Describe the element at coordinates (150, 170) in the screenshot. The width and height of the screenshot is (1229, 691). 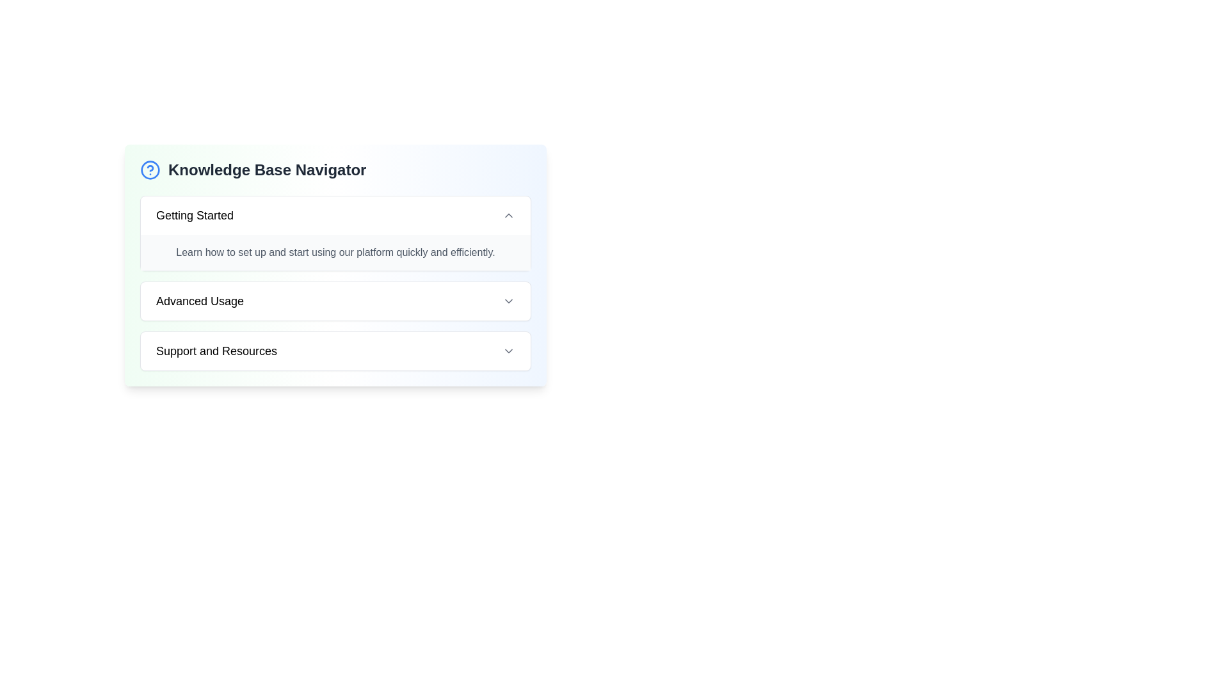
I see `the circular blue outline icon with a question mark inside, located to the left of the 'Knowledge Base Navigator' text header` at that location.